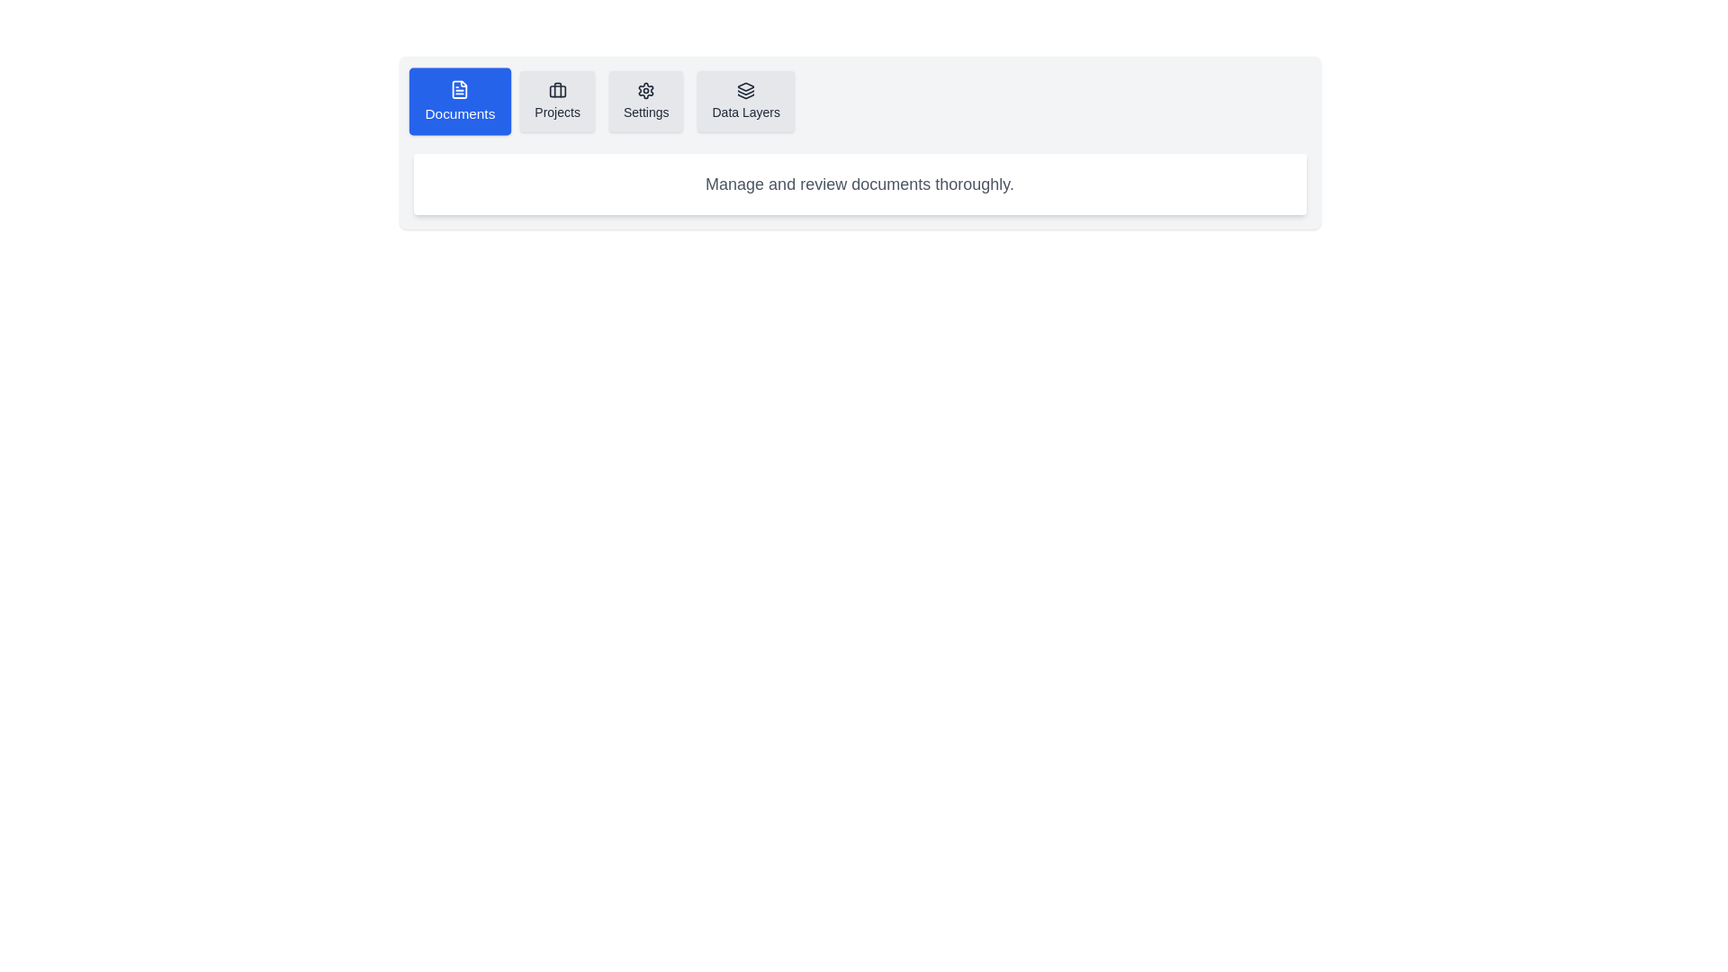 The width and height of the screenshot is (1728, 972). What do you see at coordinates (746, 101) in the screenshot?
I see `the tab labeled Data Layers` at bounding box center [746, 101].